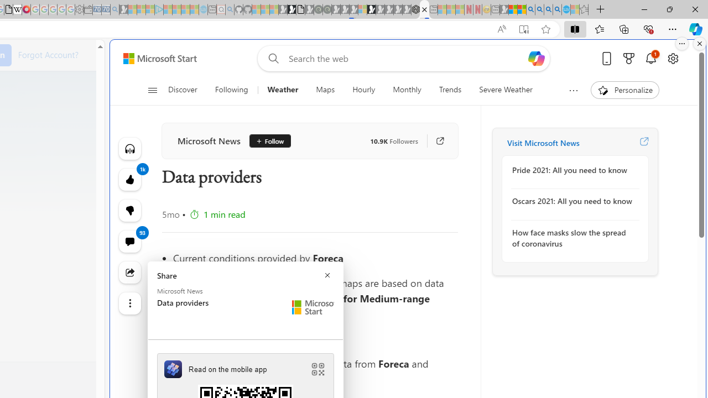 Image resolution: width=708 pixels, height=398 pixels. What do you see at coordinates (114, 9) in the screenshot?
I see `'Bing Real Estate - Home sales and rental listings - Sleeping'` at bounding box center [114, 9].